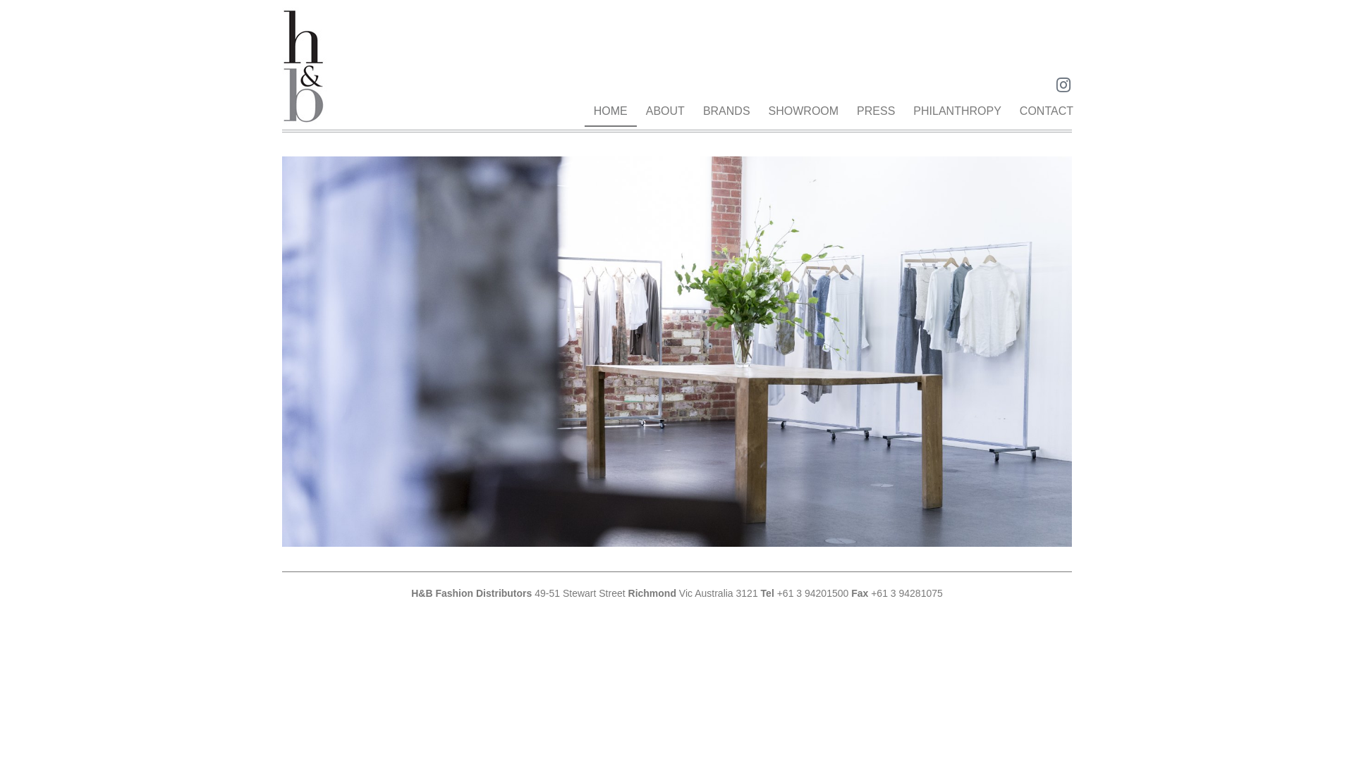 The height and width of the screenshot is (761, 1354). What do you see at coordinates (875, 111) in the screenshot?
I see `'PRESS'` at bounding box center [875, 111].